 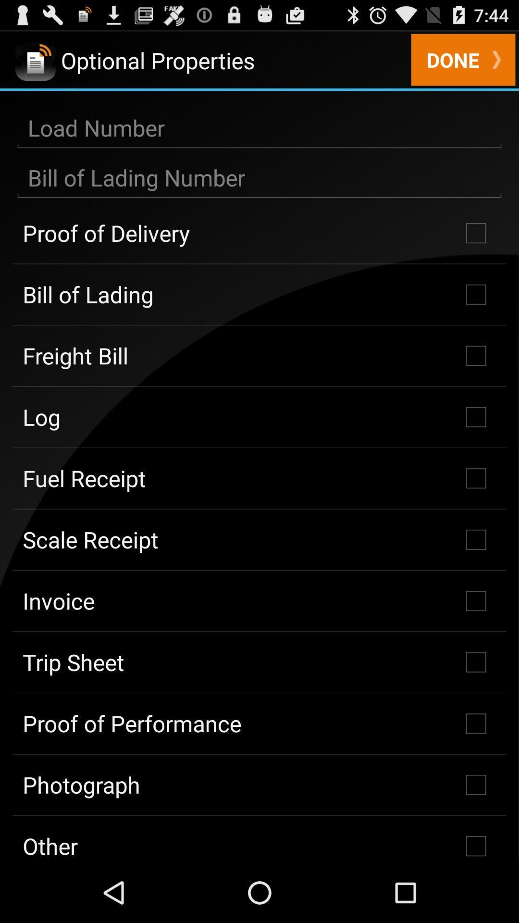 What do you see at coordinates (259, 128) in the screenshot?
I see `load number field` at bounding box center [259, 128].